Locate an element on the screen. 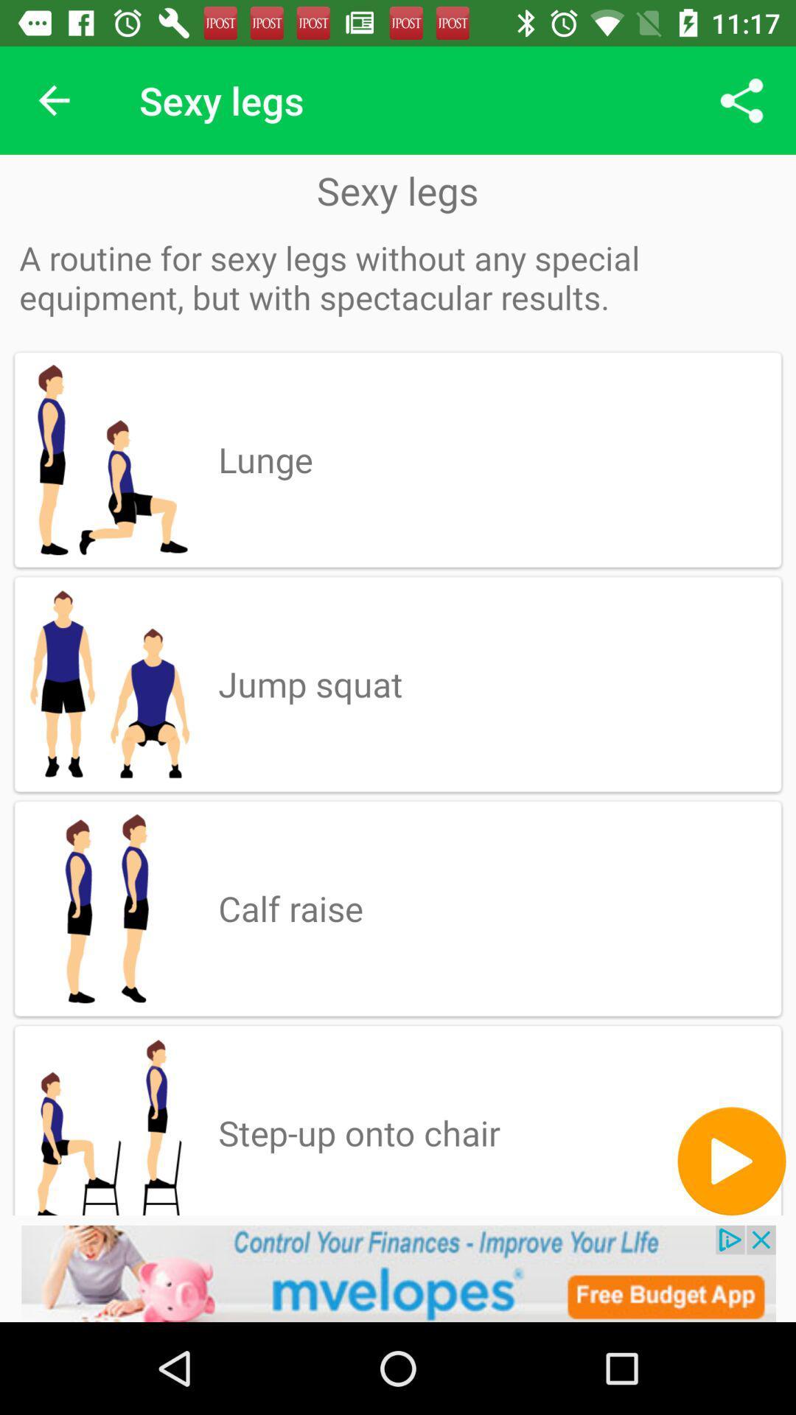 The width and height of the screenshot is (796, 1415). the play icon is located at coordinates (731, 1160).